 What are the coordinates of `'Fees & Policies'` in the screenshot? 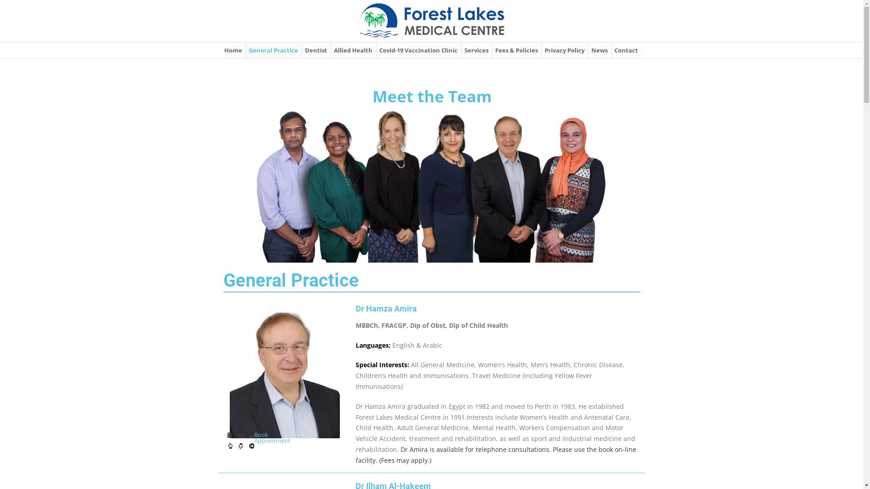 It's located at (492, 50).